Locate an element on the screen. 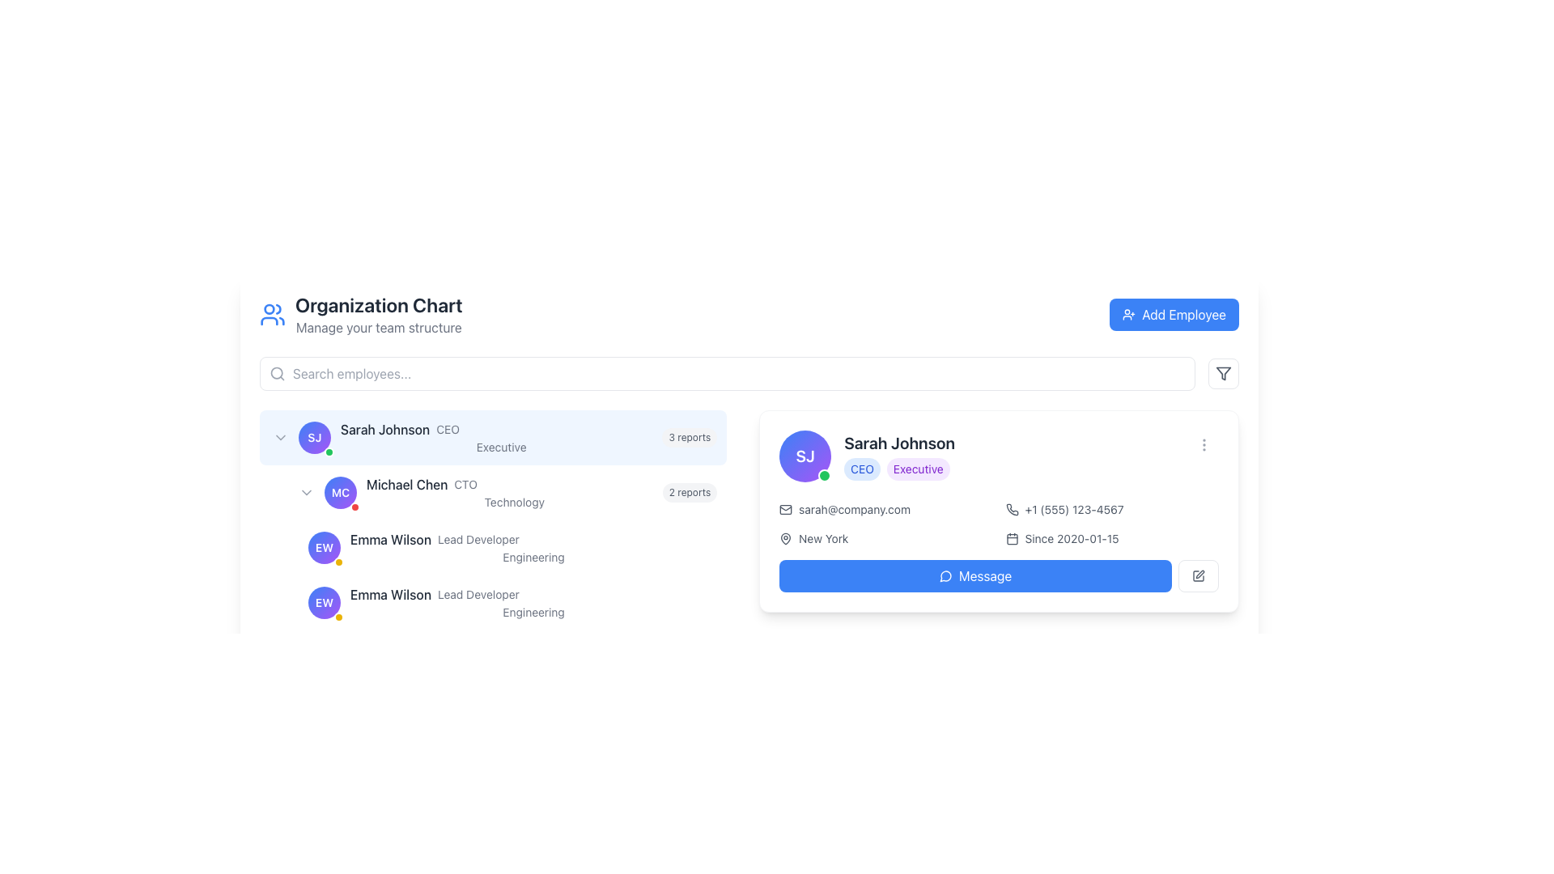 The width and height of the screenshot is (1554, 874). the profile header for 'Sarah Johnson' located in the upper part of the right-side card, above the email and location details is located at coordinates (866, 456).